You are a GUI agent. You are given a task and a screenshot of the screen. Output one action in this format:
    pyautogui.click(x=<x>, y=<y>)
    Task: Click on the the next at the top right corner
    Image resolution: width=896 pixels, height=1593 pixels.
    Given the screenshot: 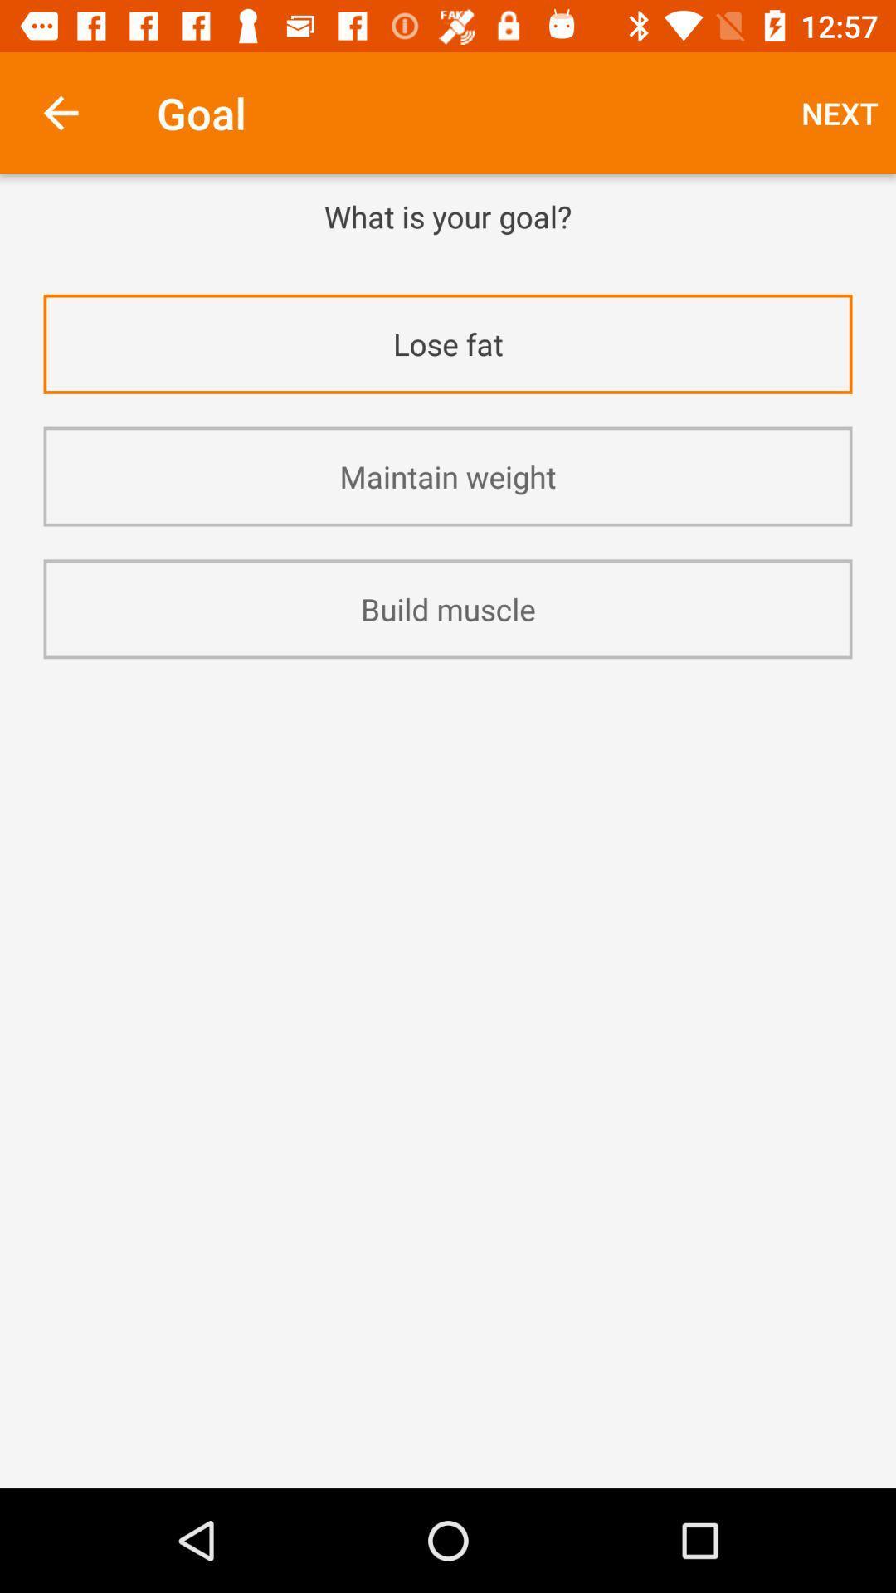 What is the action you would take?
    pyautogui.click(x=840, y=112)
    